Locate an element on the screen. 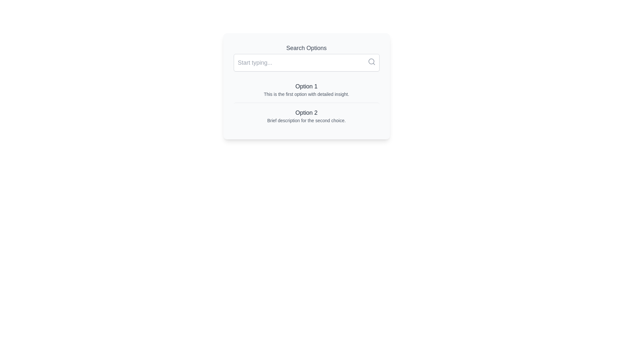 The width and height of the screenshot is (625, 351). the input field of the Search Bar with Label located below the title 'Search Options' to activate text entry is located at coordinates (306, 57).